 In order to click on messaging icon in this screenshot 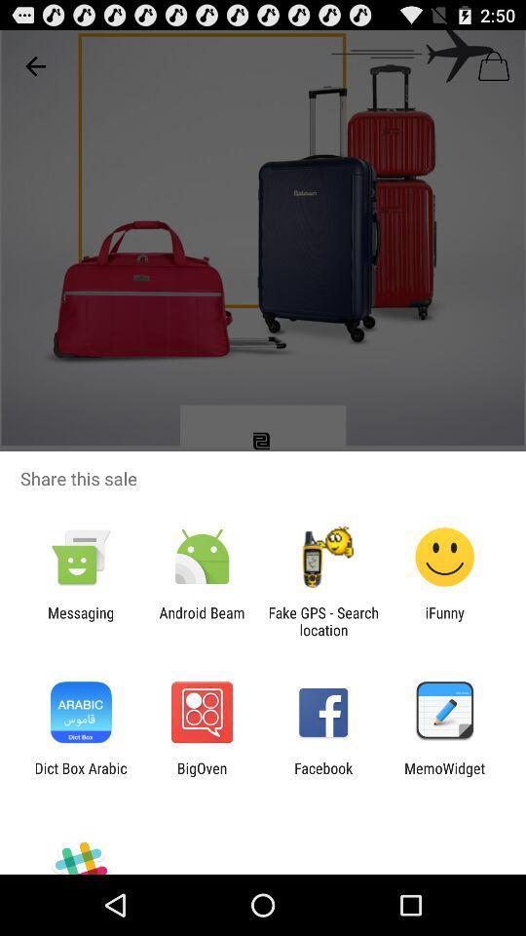, I will do `click(80, 620)`.